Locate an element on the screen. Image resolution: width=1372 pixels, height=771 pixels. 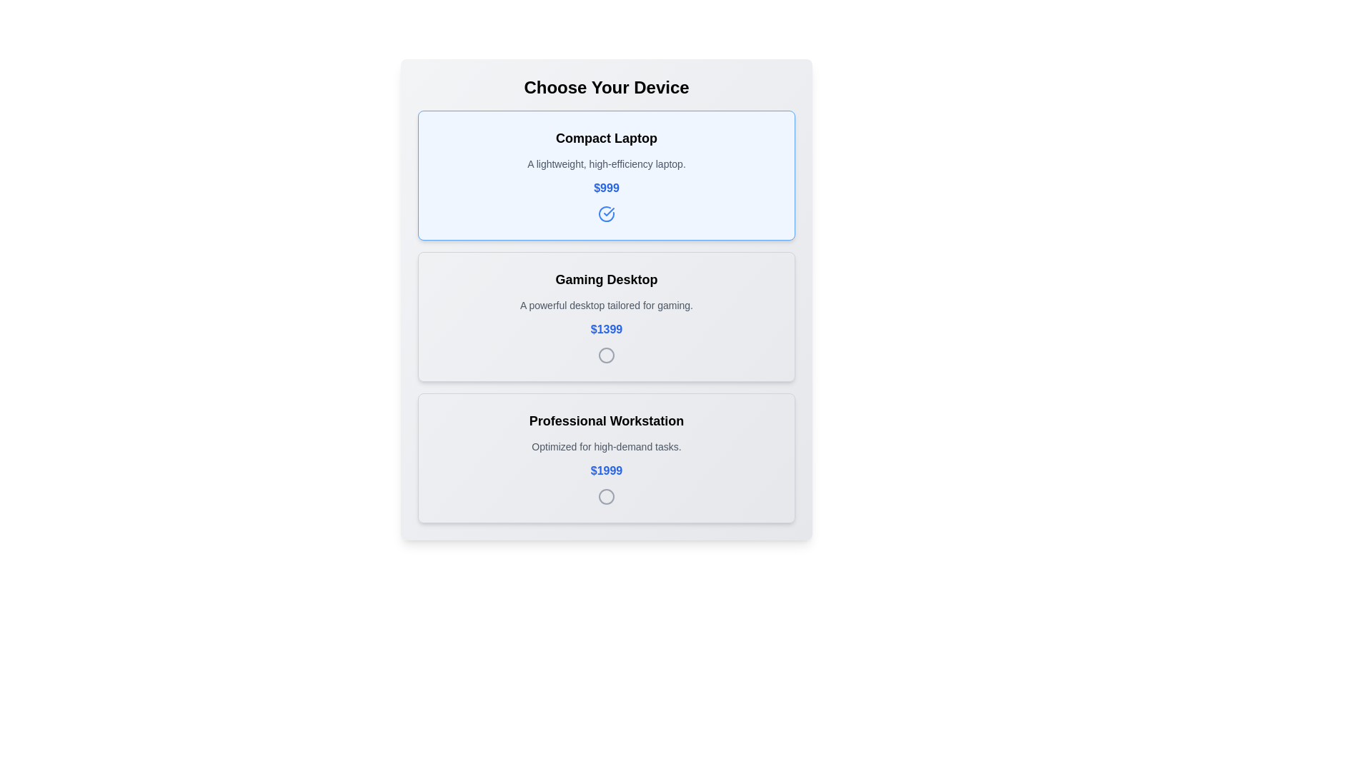
the static text label displaying the price ($1999) for the 'Professional Workstation' option, located beneath the description 'Optimized for high-demand tasks.' is located at coordinates (607, 470).